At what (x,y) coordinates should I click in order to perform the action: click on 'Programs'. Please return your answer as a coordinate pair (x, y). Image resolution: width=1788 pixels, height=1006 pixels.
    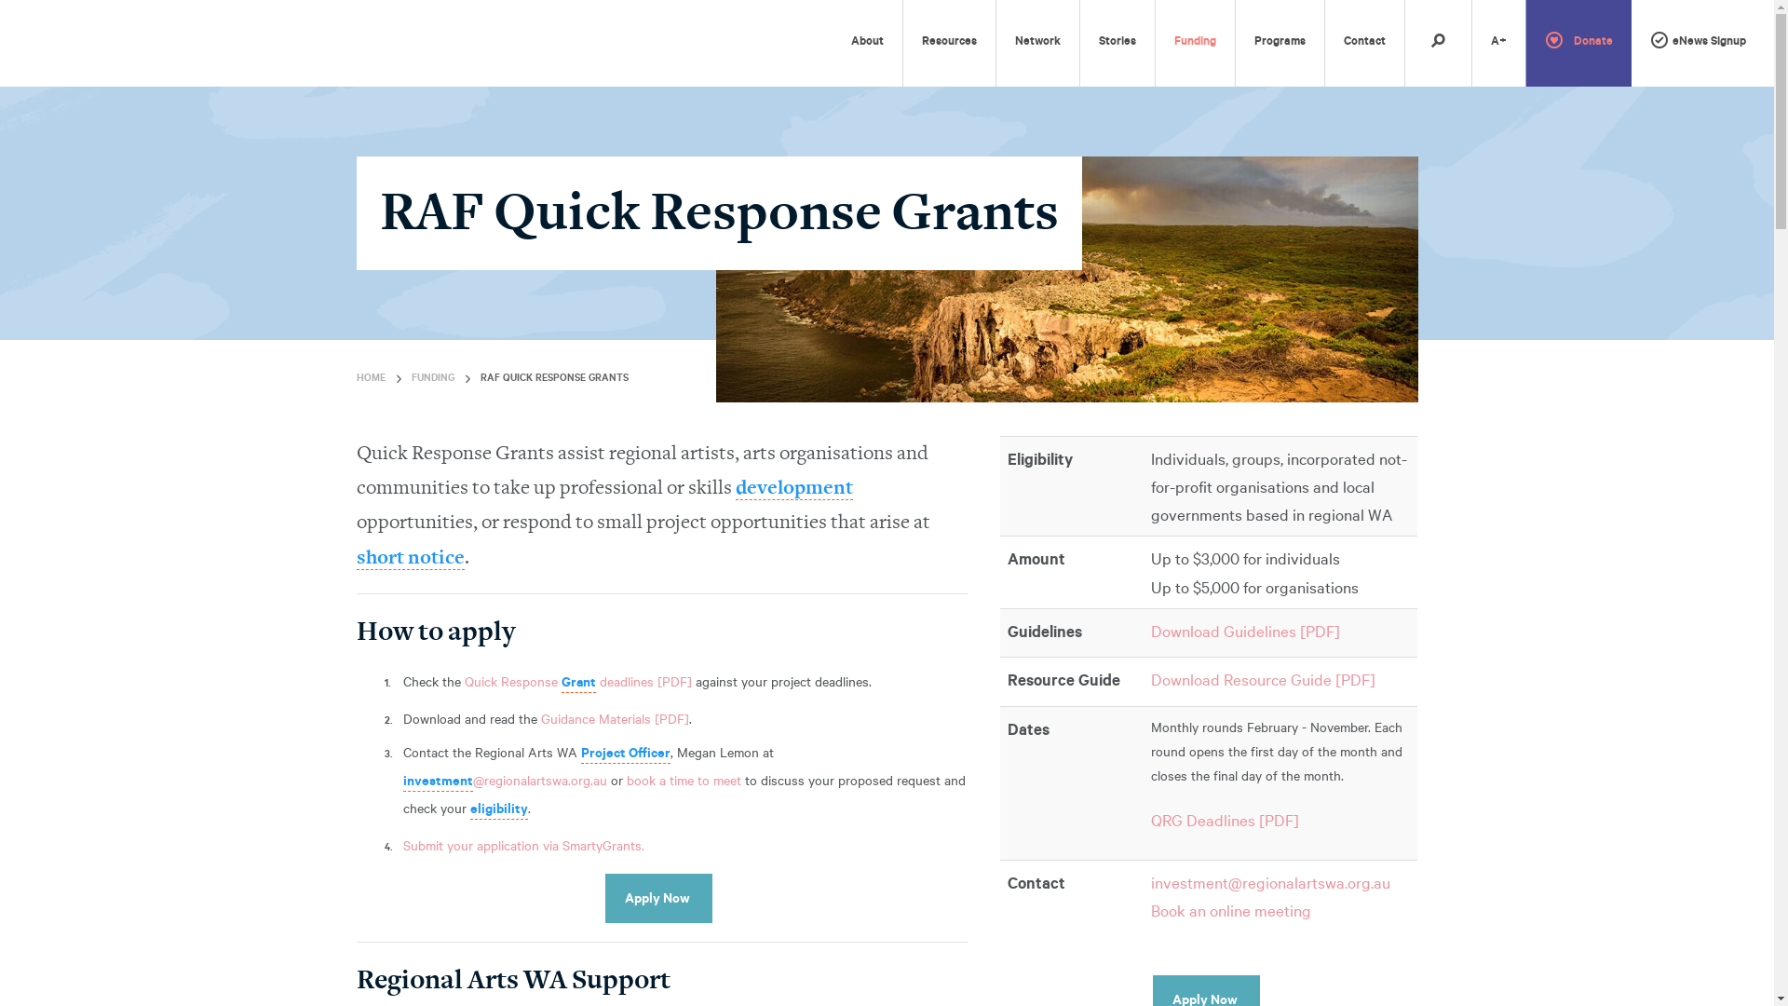
    Looking at the image, I should click on (1279, 42).